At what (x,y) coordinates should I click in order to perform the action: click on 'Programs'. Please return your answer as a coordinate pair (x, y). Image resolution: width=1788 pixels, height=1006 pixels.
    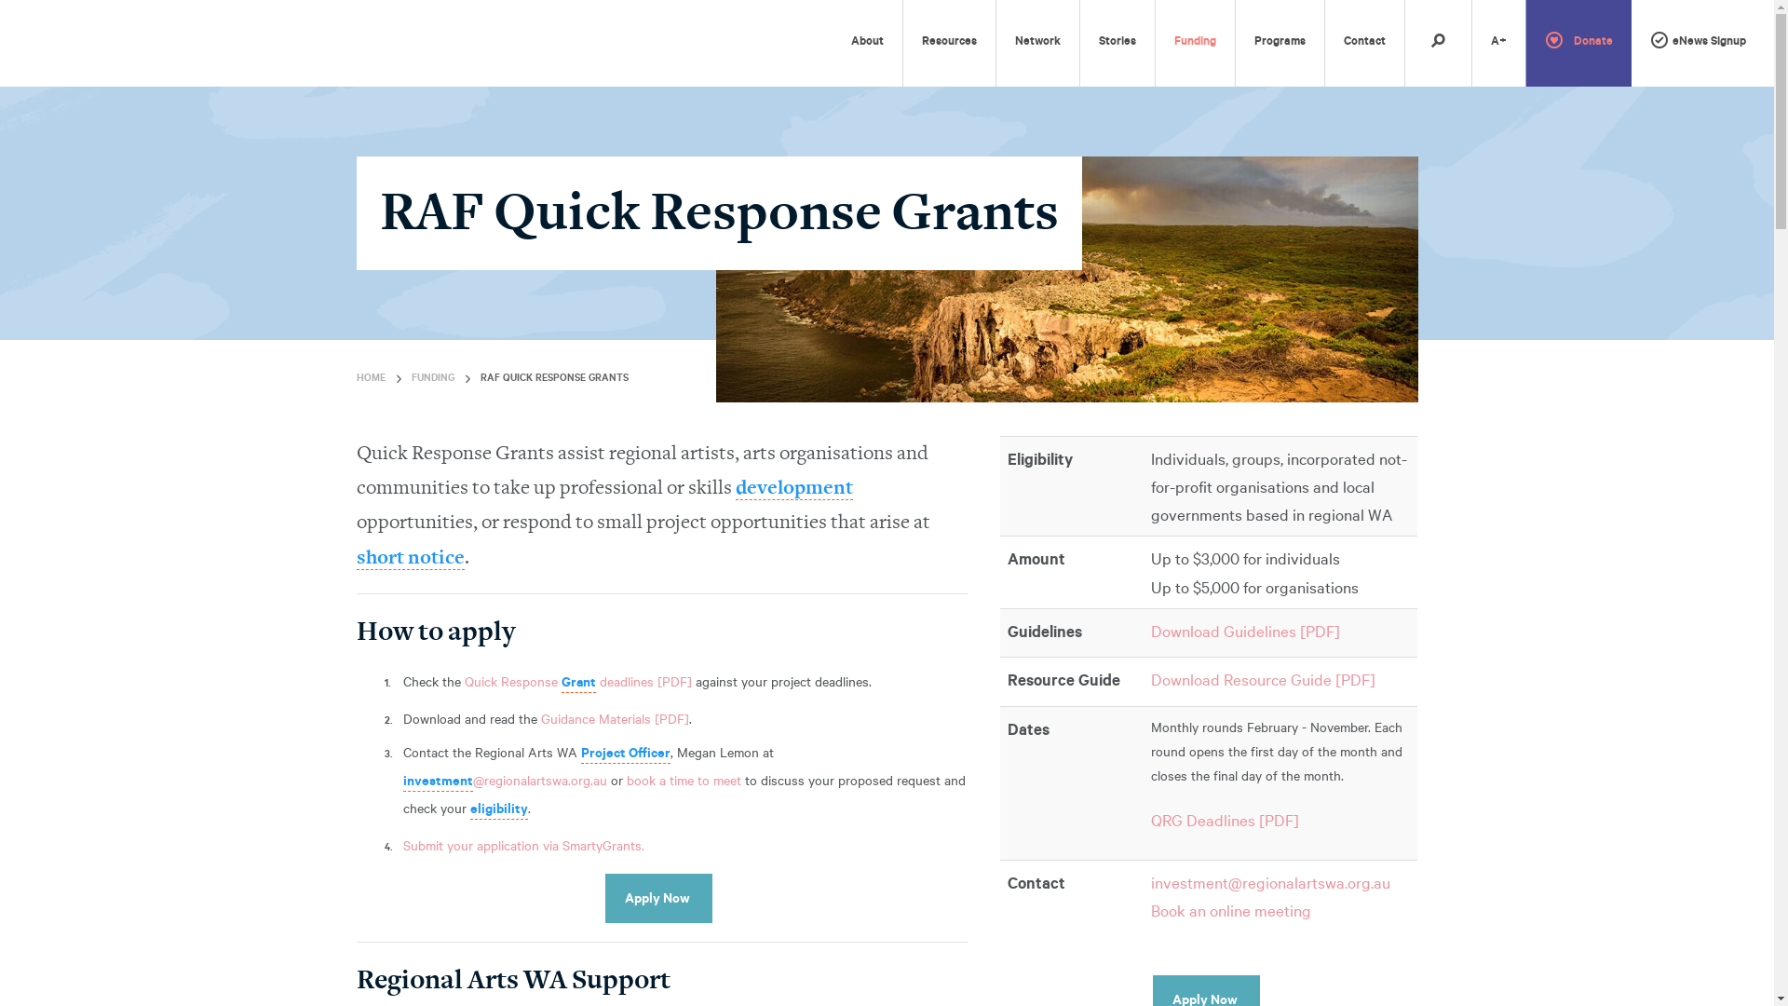
    Looking at the image, I should click on (1279, 42).